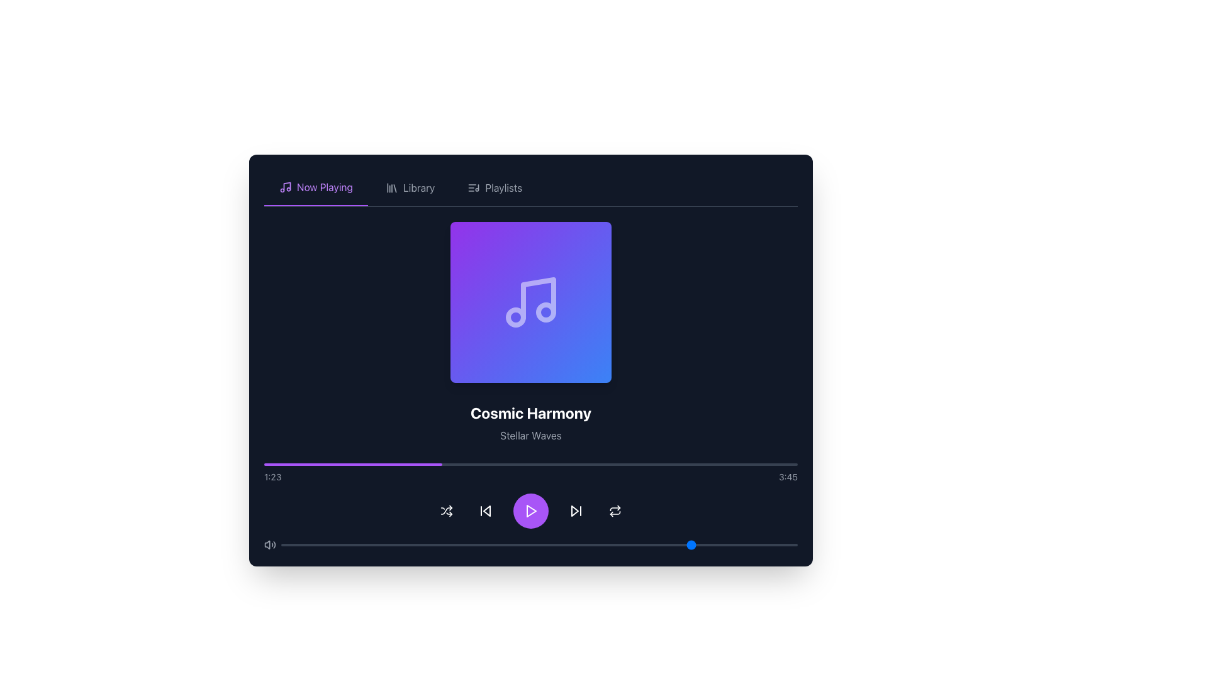 This screenshot has height=679, width=1208. Describe the element at coordinates (516, 317) in the screenshot. I see `the graphical decoration within the music note icon, which is part of the album artwork displayed on a purple-blue gradient square` at that location.